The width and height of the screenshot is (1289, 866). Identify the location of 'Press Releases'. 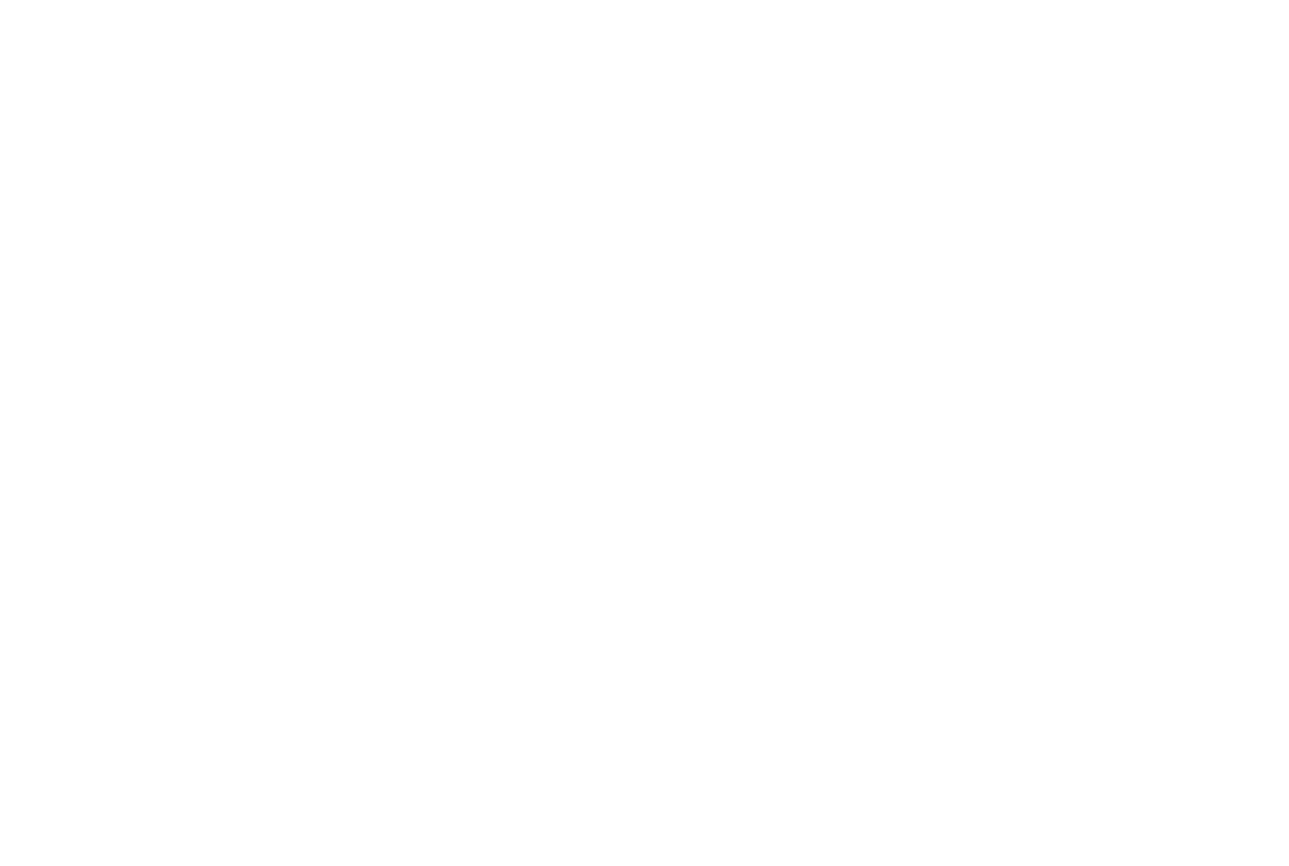
(484, 143).